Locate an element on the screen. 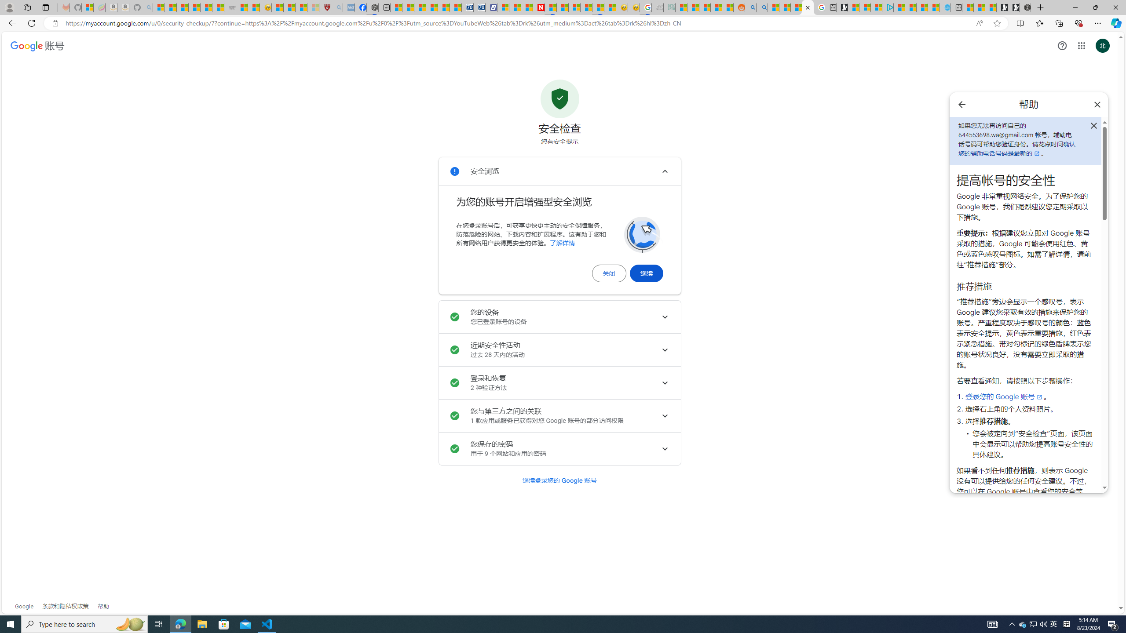  'Class: gb_E' is located at coordinates (1081, 45).